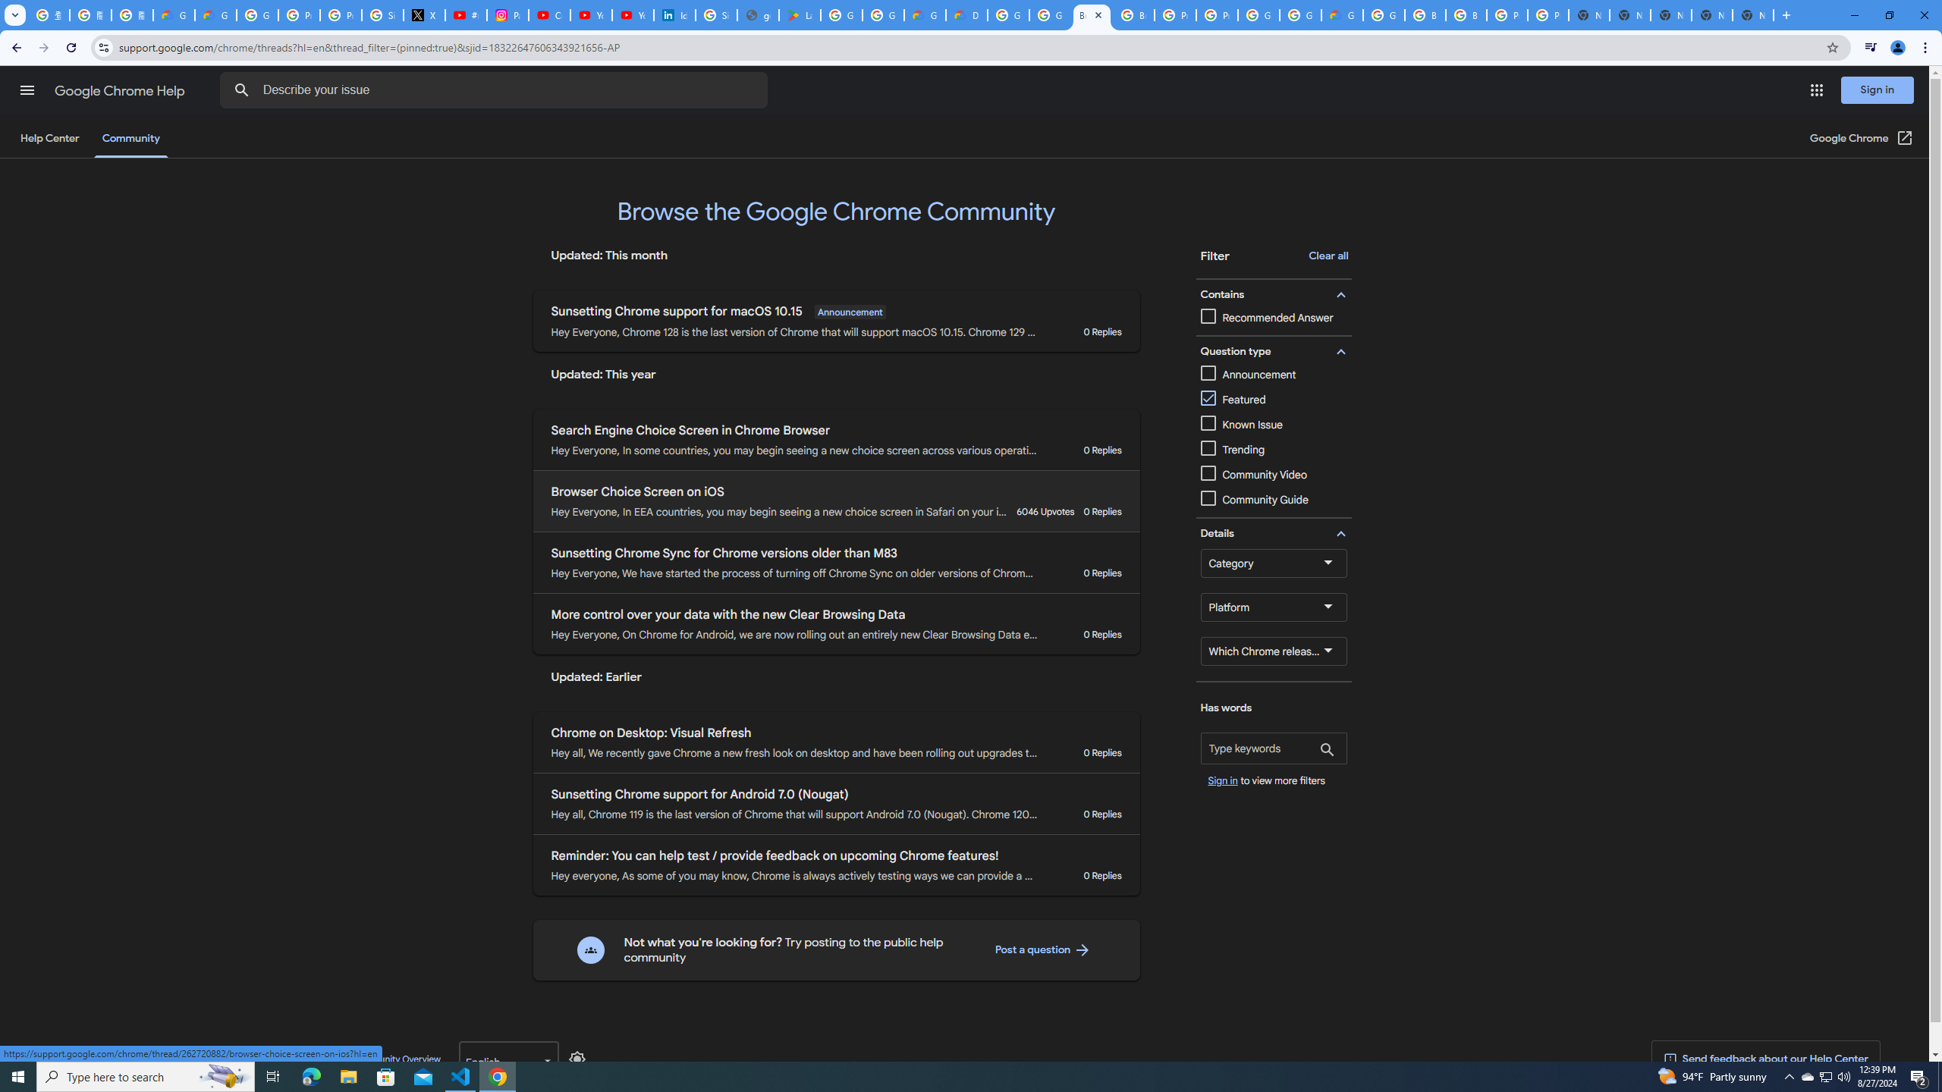  What do you see at coordinates (1383, 14) in the screenshot?
I see `'Google Cloud Platform'` at bounding box center [1383, 14].